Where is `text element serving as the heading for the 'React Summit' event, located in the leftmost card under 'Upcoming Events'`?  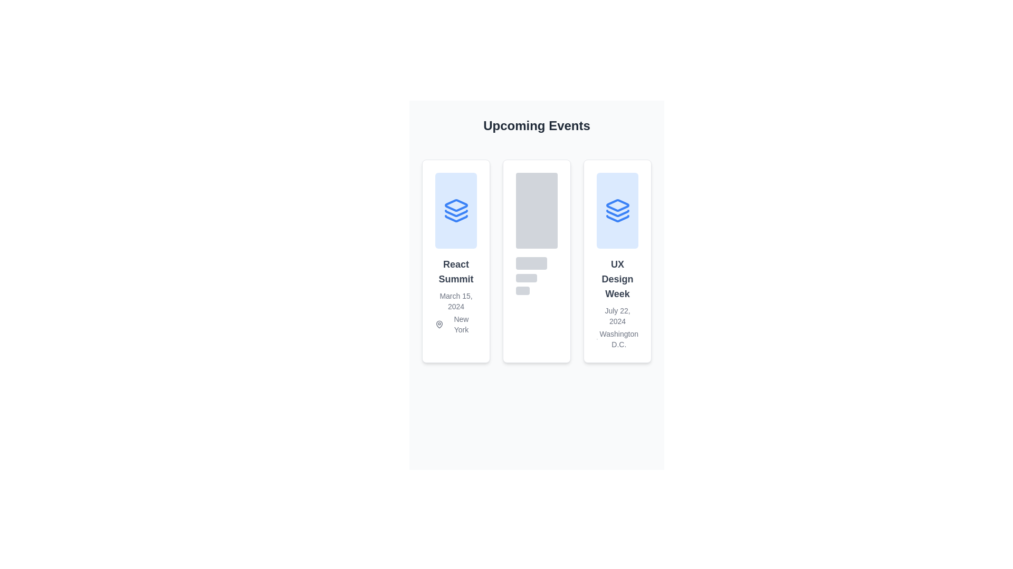 text element serving as the heading for the 'React Summit' event, located in the leftmost card under 'Upcoming Events' is located at coordinates (456, 271).